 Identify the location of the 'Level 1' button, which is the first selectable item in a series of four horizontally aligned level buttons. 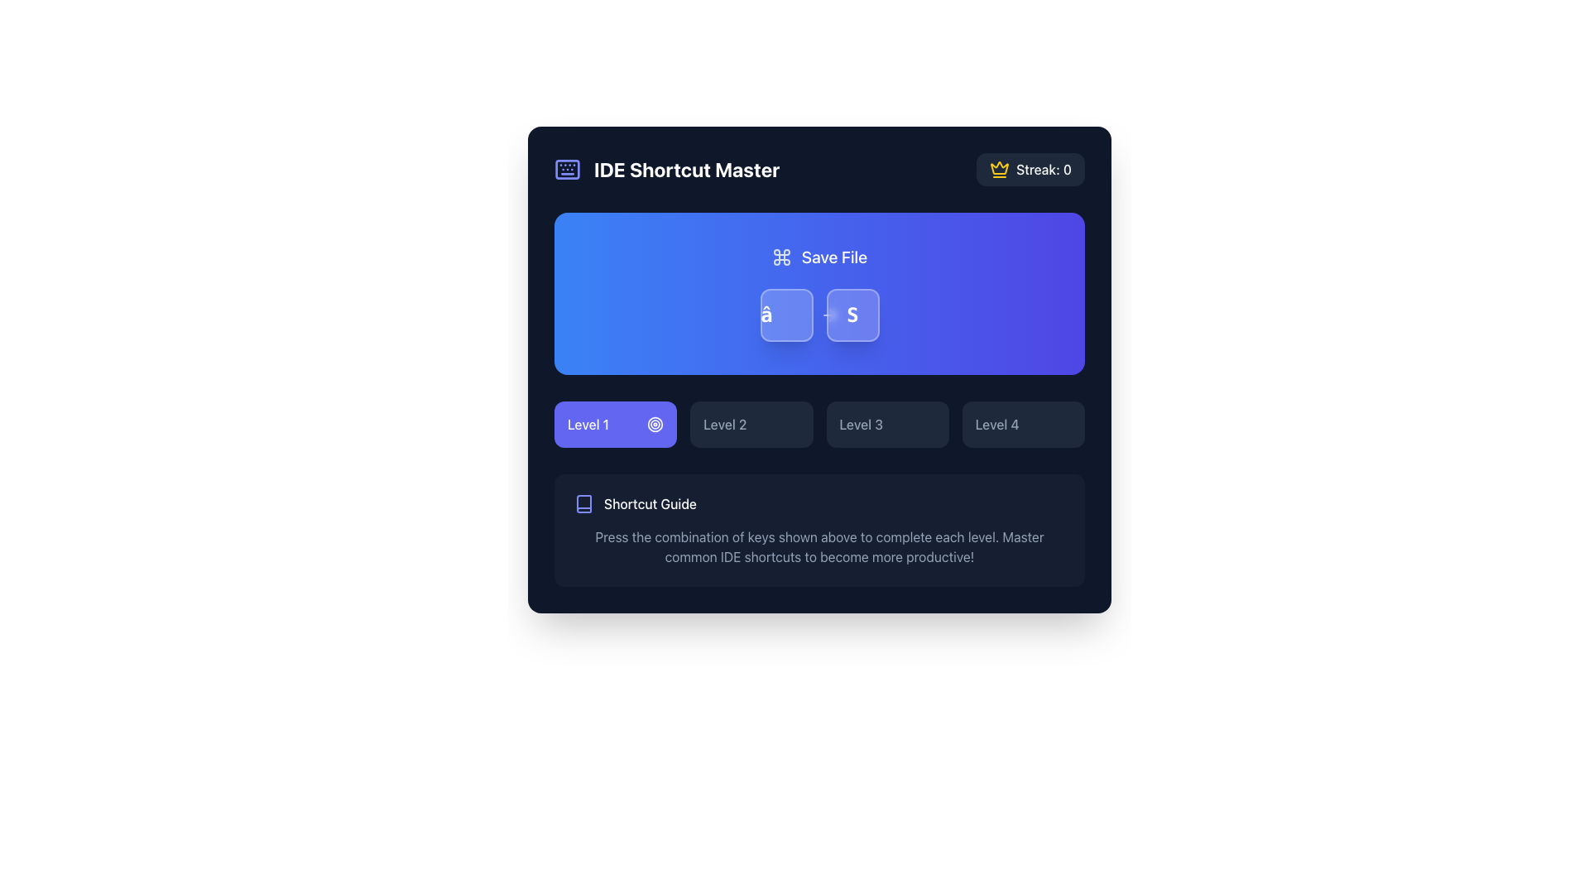
(615, 424).